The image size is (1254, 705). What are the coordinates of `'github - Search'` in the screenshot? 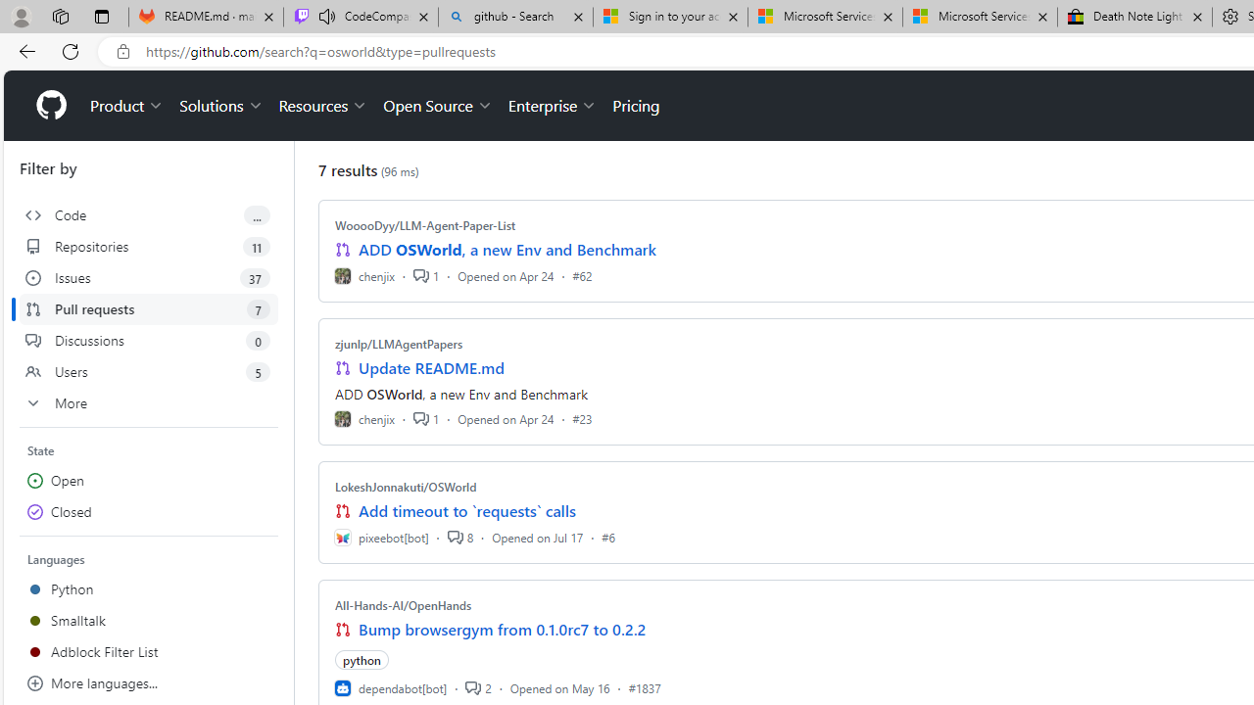 It's located at (515, 17).